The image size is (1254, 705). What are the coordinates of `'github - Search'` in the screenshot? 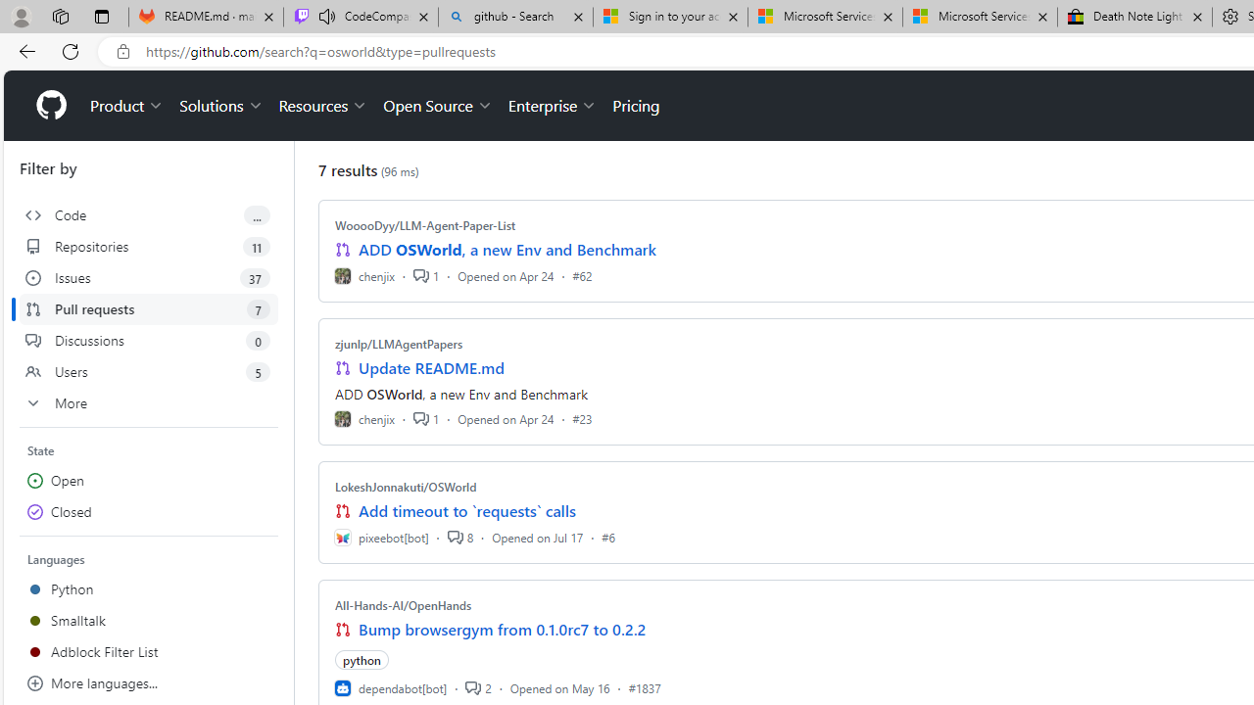 It's located at (515, 17).